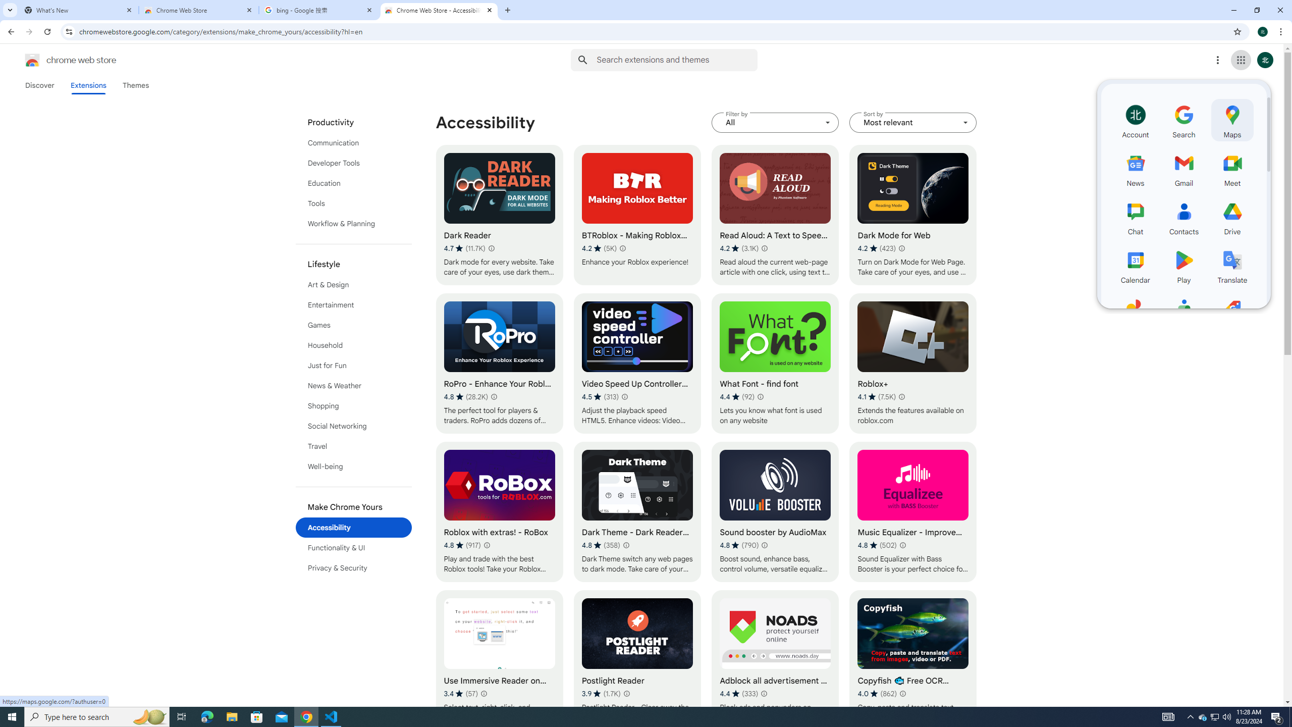 This screenshot has height=727, width=1292. I want to click on 'What', so click(78, 10).